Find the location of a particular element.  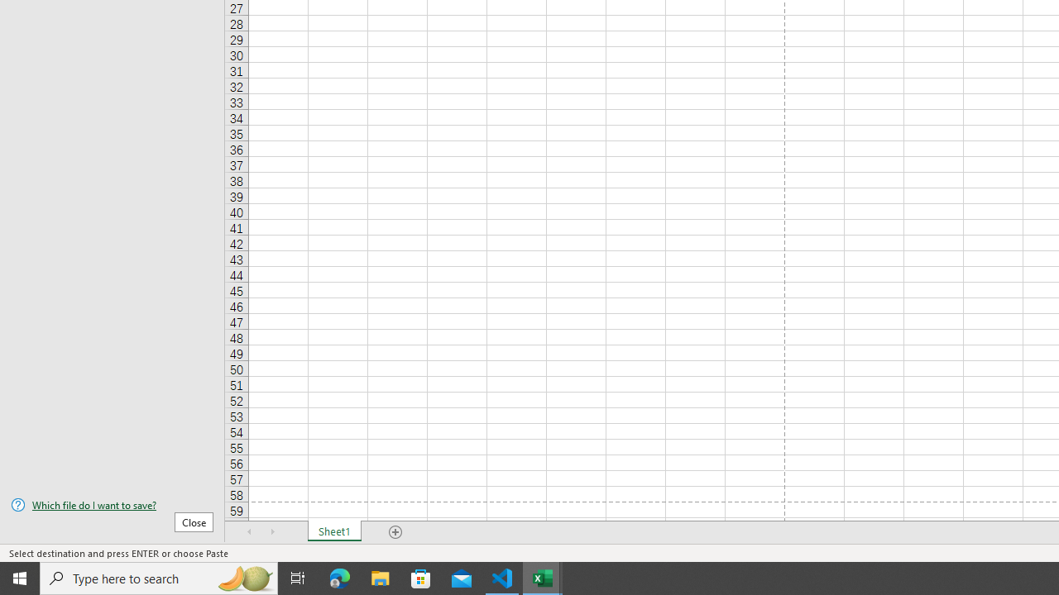

'Which file do I want to save?' is located at coordinates (112, 504).